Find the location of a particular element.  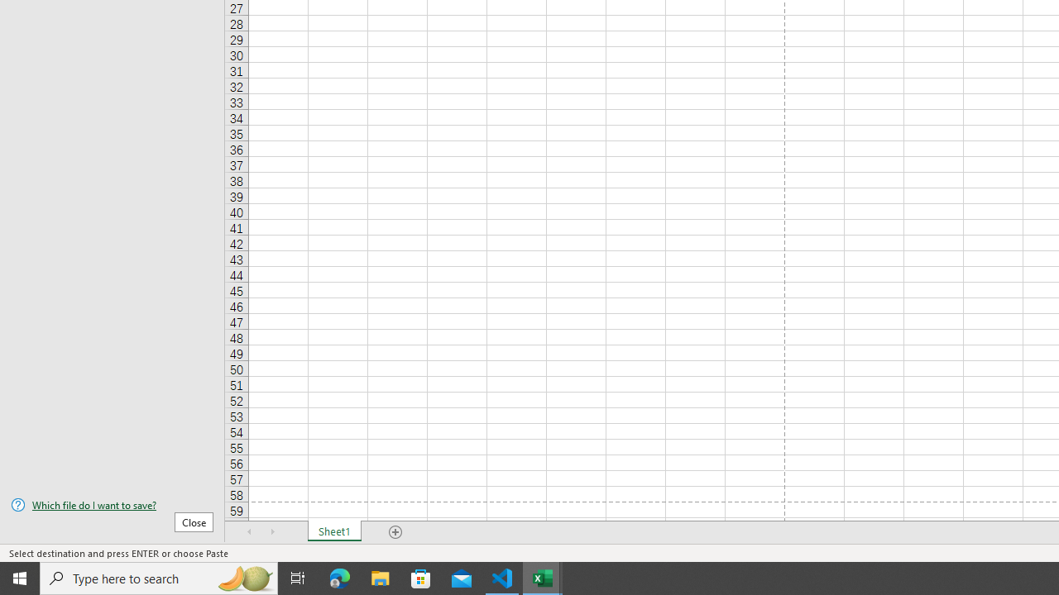

'Which file do I want to save?' is located at coordinates (112, 504).